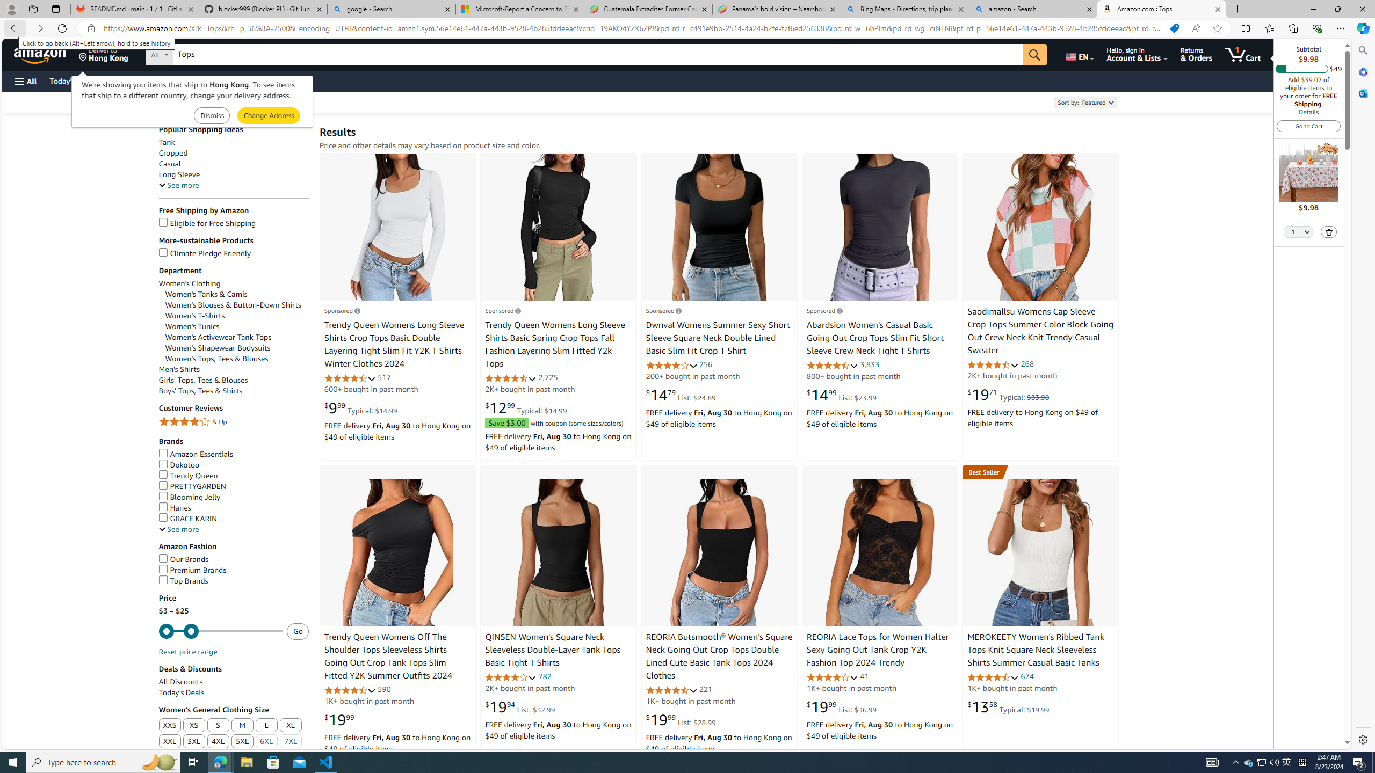 This screenshot has height=773, width=1375. Describe the element at coordinates (220, 631) in the screenshot. I see `'Minimum'` at that location.